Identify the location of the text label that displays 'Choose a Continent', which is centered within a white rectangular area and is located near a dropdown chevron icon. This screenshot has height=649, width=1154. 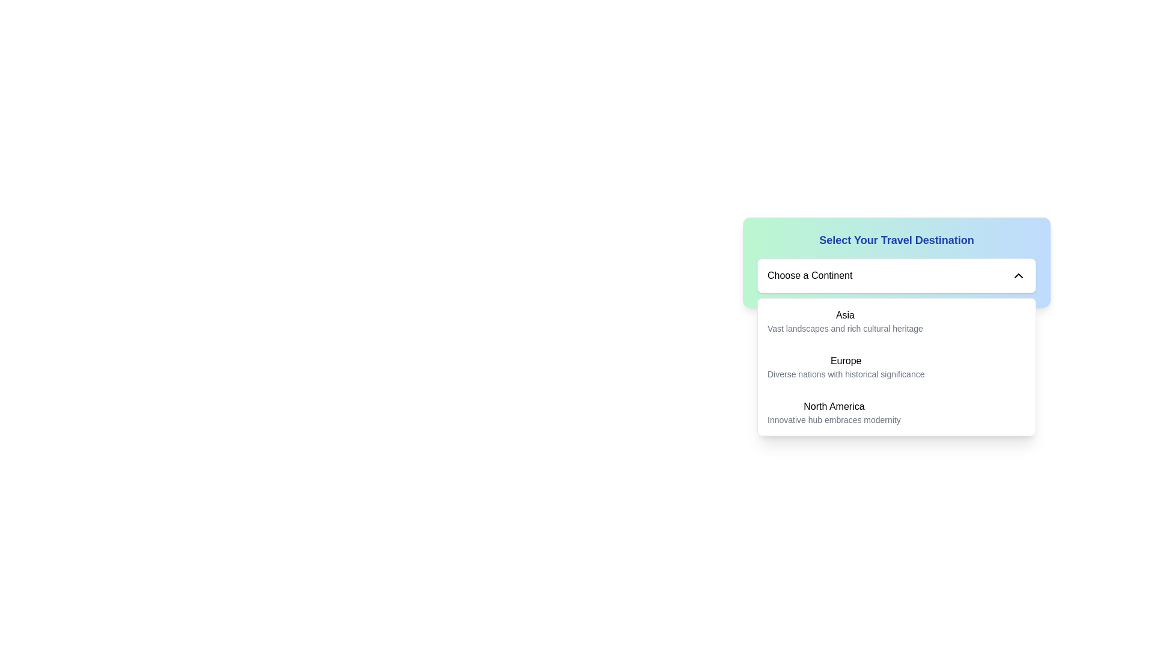
(810, 276).